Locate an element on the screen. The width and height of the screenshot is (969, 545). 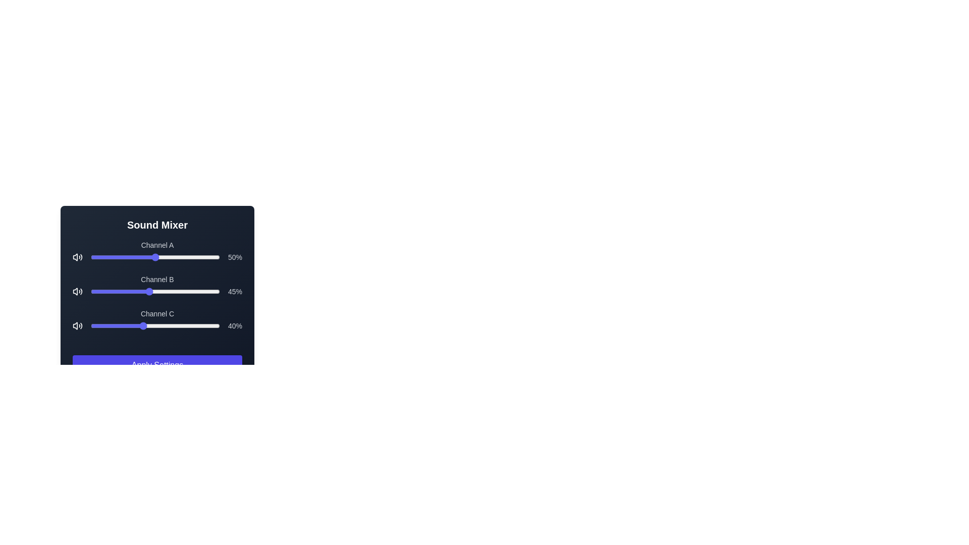
Channel C volume is located at coordinates (182, 325).